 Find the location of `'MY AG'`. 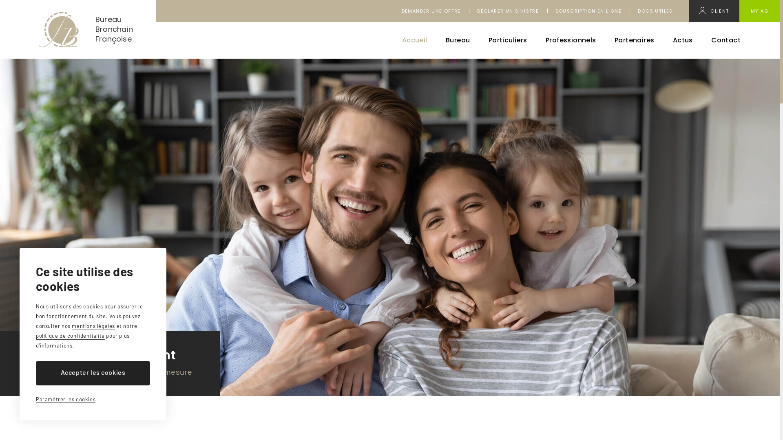

'MY AG' is located at coordinates (759, 11).